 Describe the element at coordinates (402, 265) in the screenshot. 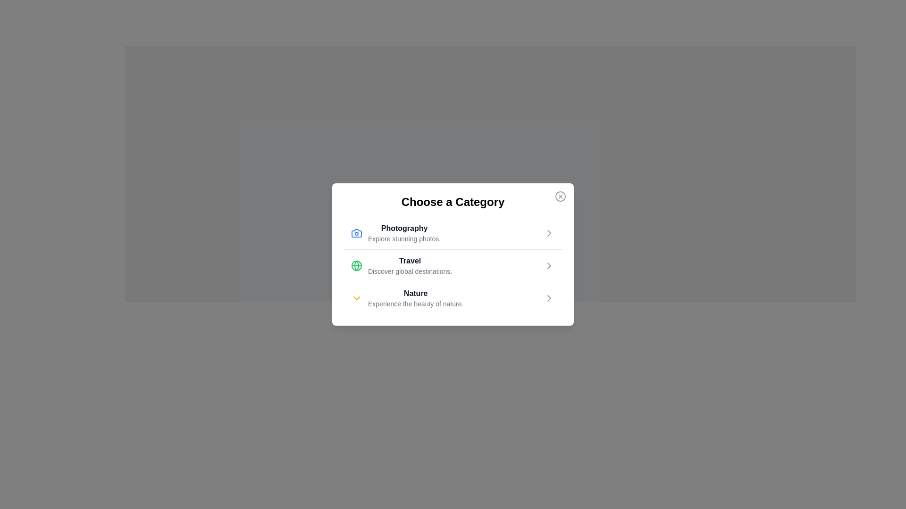

I see `the list item with a green globe icon and the text 'Travel'` at that location.